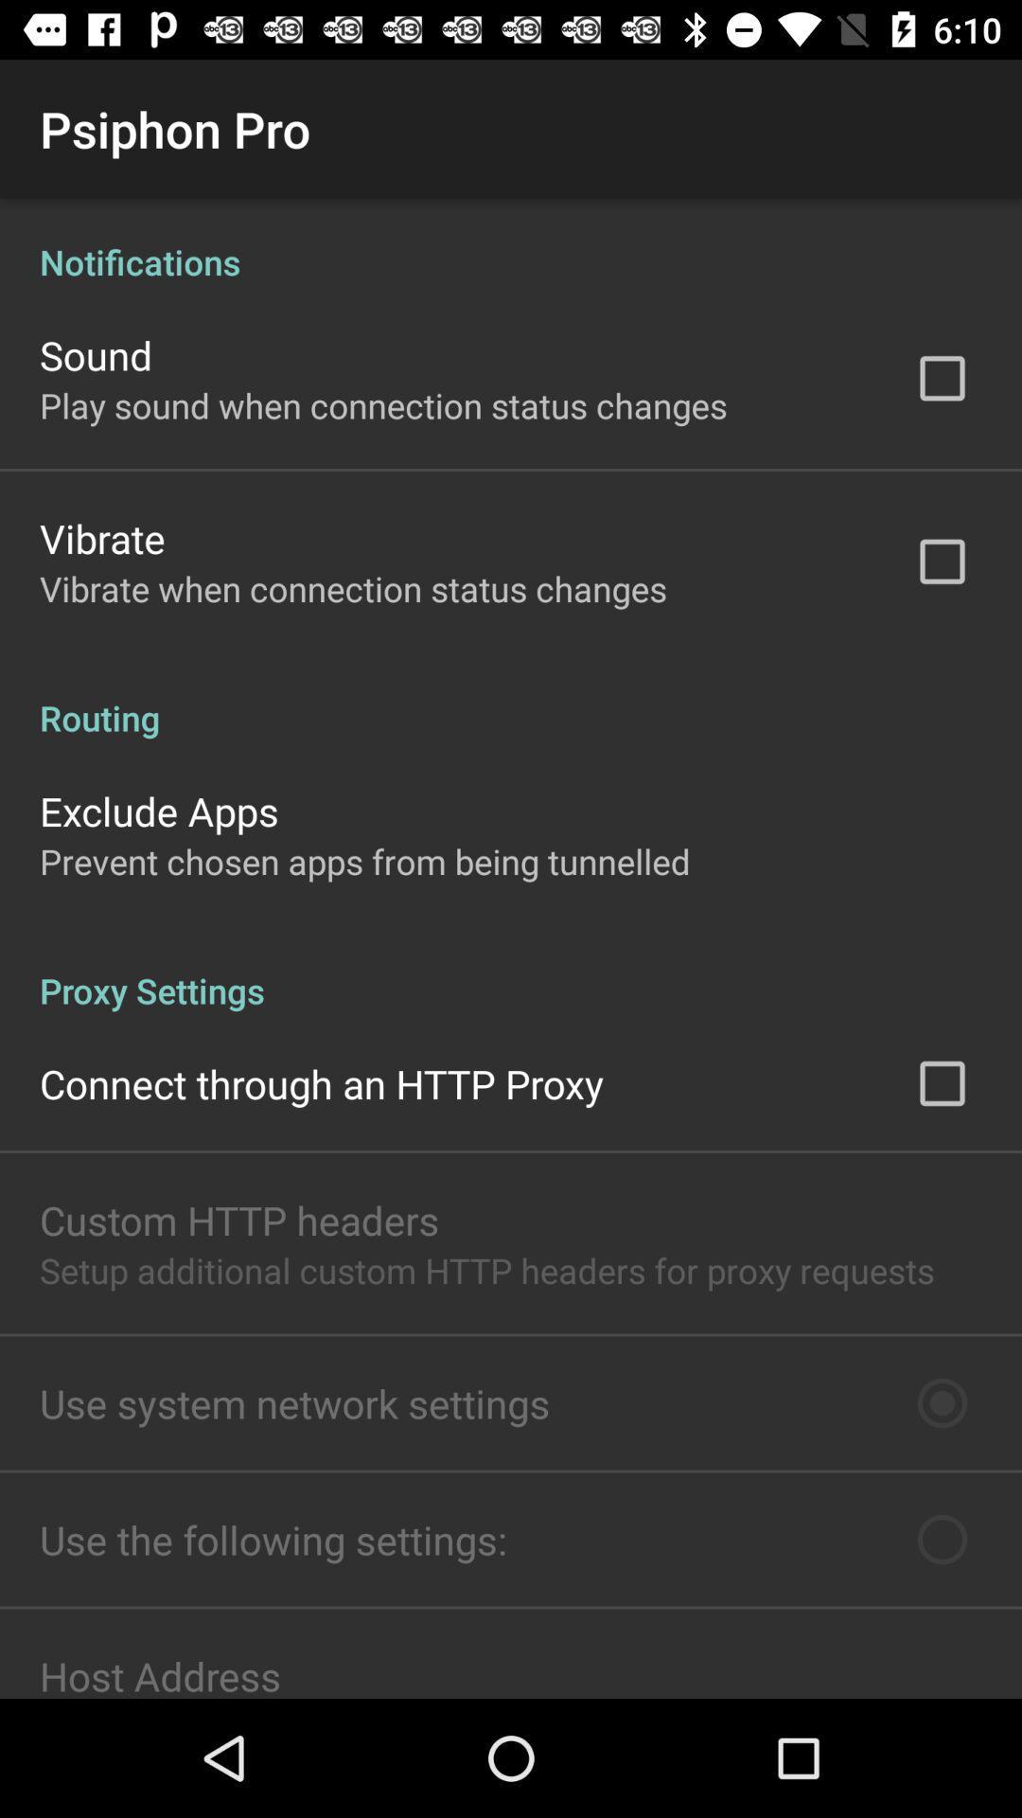 The width and height of the screenshot is (1022, 1818). What do you see at coordinates (364, 860) in the screenshot?
I see `the prevent chosen apps` at bounding box center [364, 860].